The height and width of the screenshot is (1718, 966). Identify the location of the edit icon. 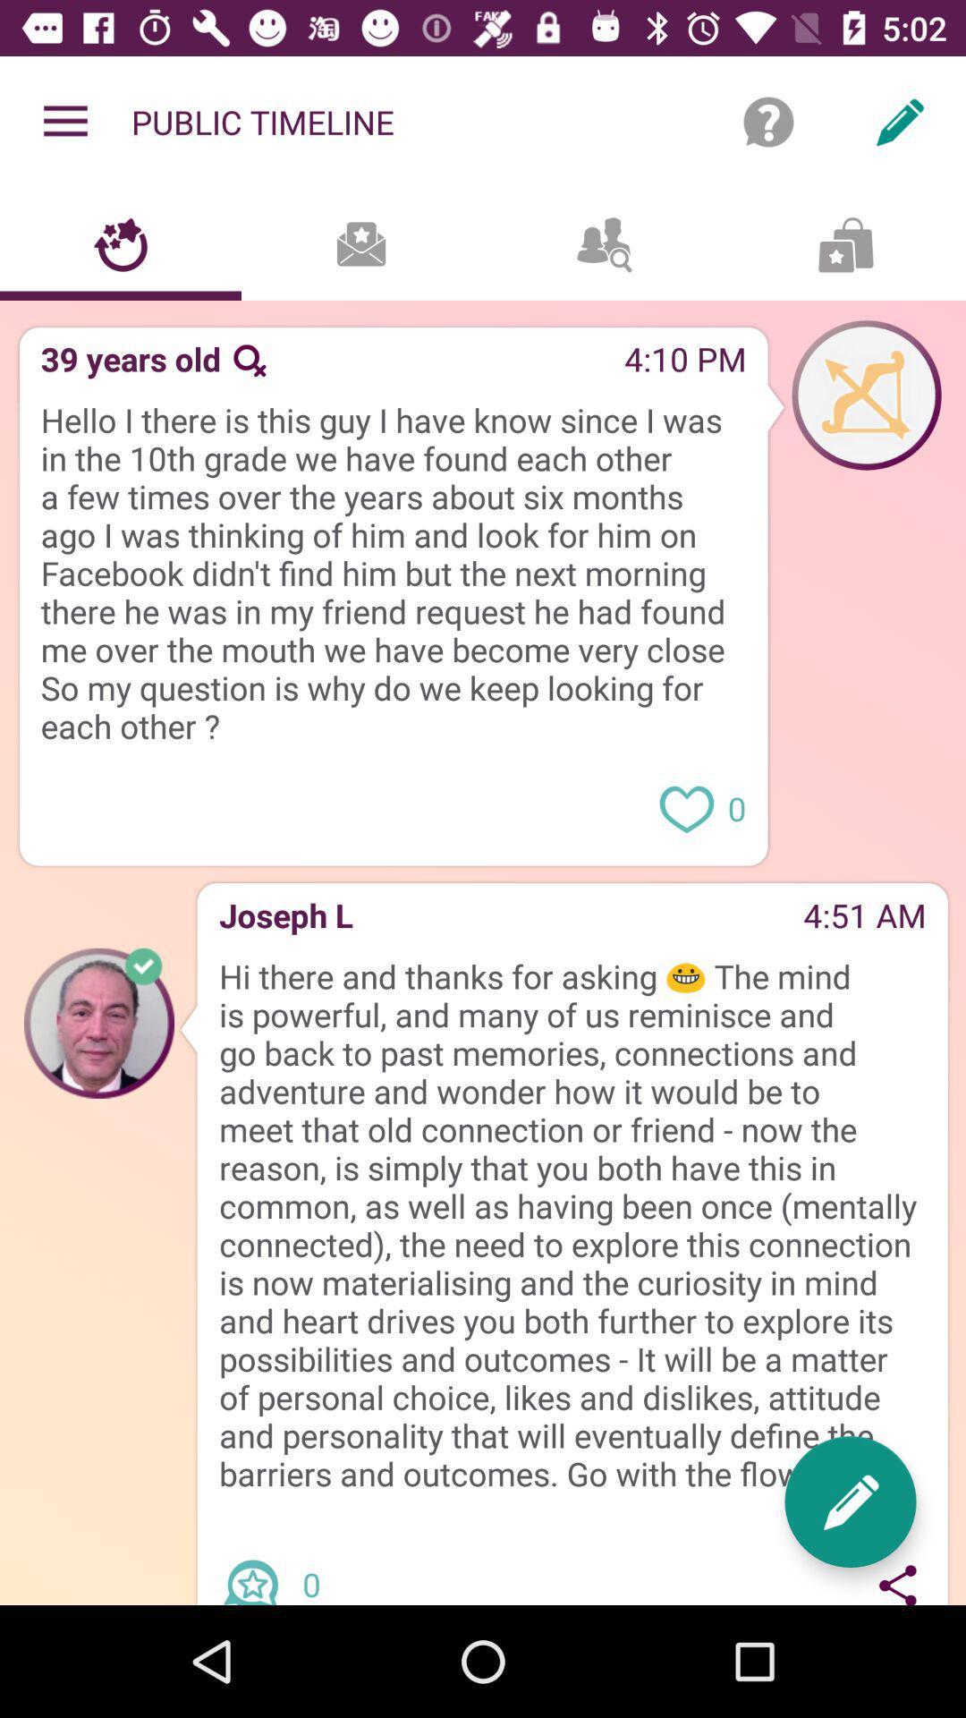
(850, 1501).